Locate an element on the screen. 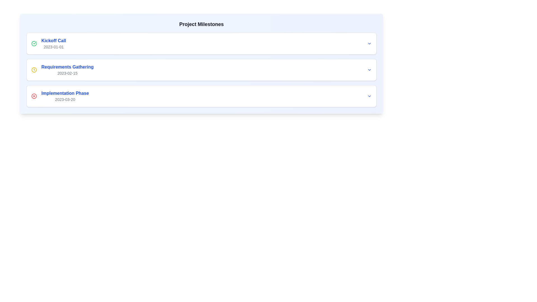 Image resolution: width=537 pixels, height=302 pixels. the SVG circle element that represents the milestone status, located to the left of the 'Implementation Phase' milestone entry is located at coordinates (34, 96).